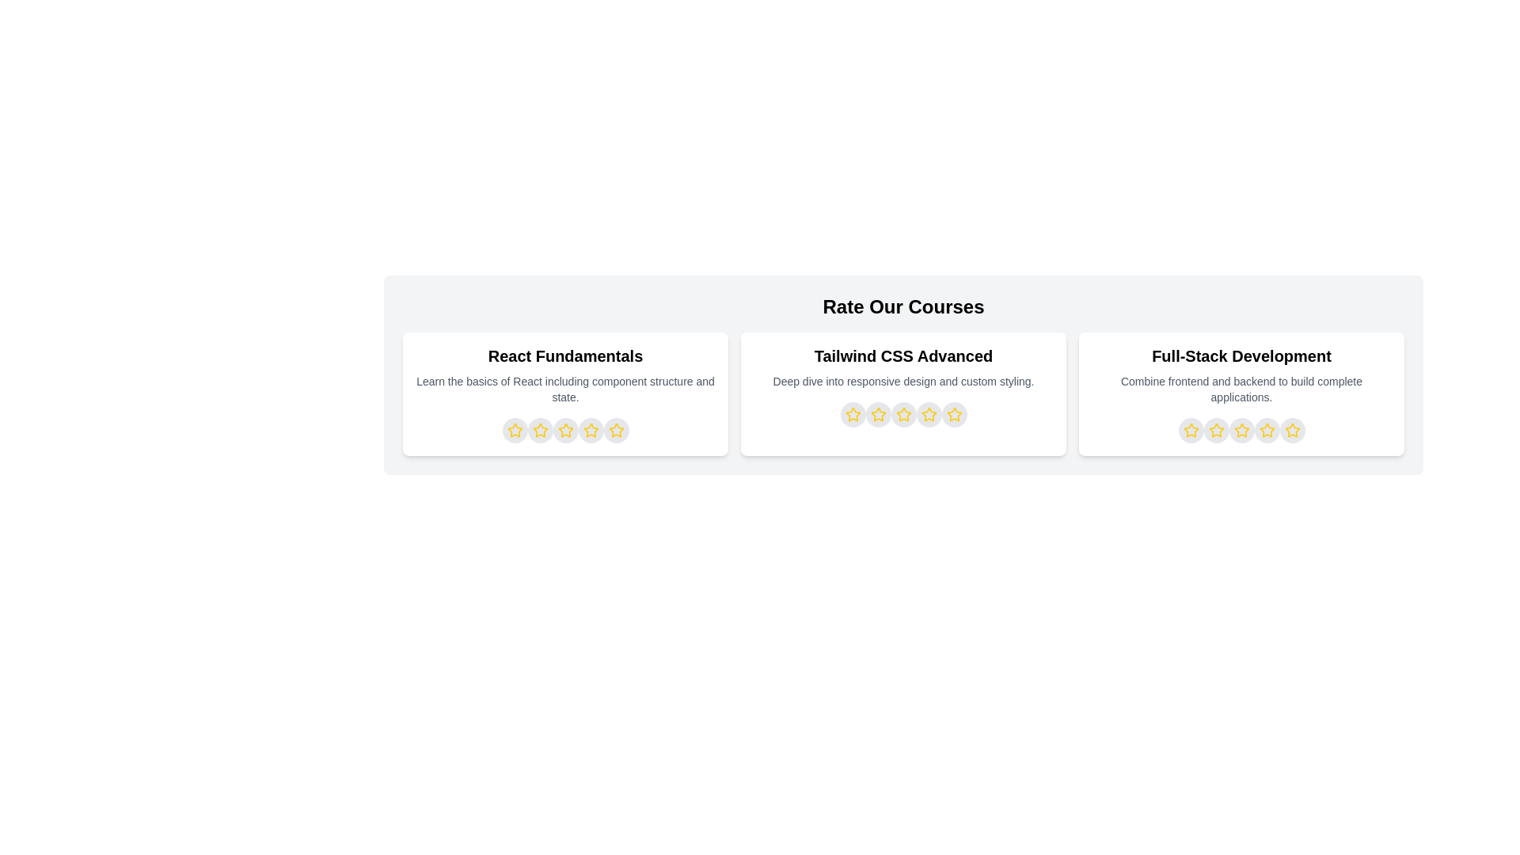 This screenshot has height=855, width=1520. What do you see at coordinates (1191, 430) in the screenshot?
I see `the star representing 1 stars for the course titled Full-Stack Development` at bounding box center [1191, 430].